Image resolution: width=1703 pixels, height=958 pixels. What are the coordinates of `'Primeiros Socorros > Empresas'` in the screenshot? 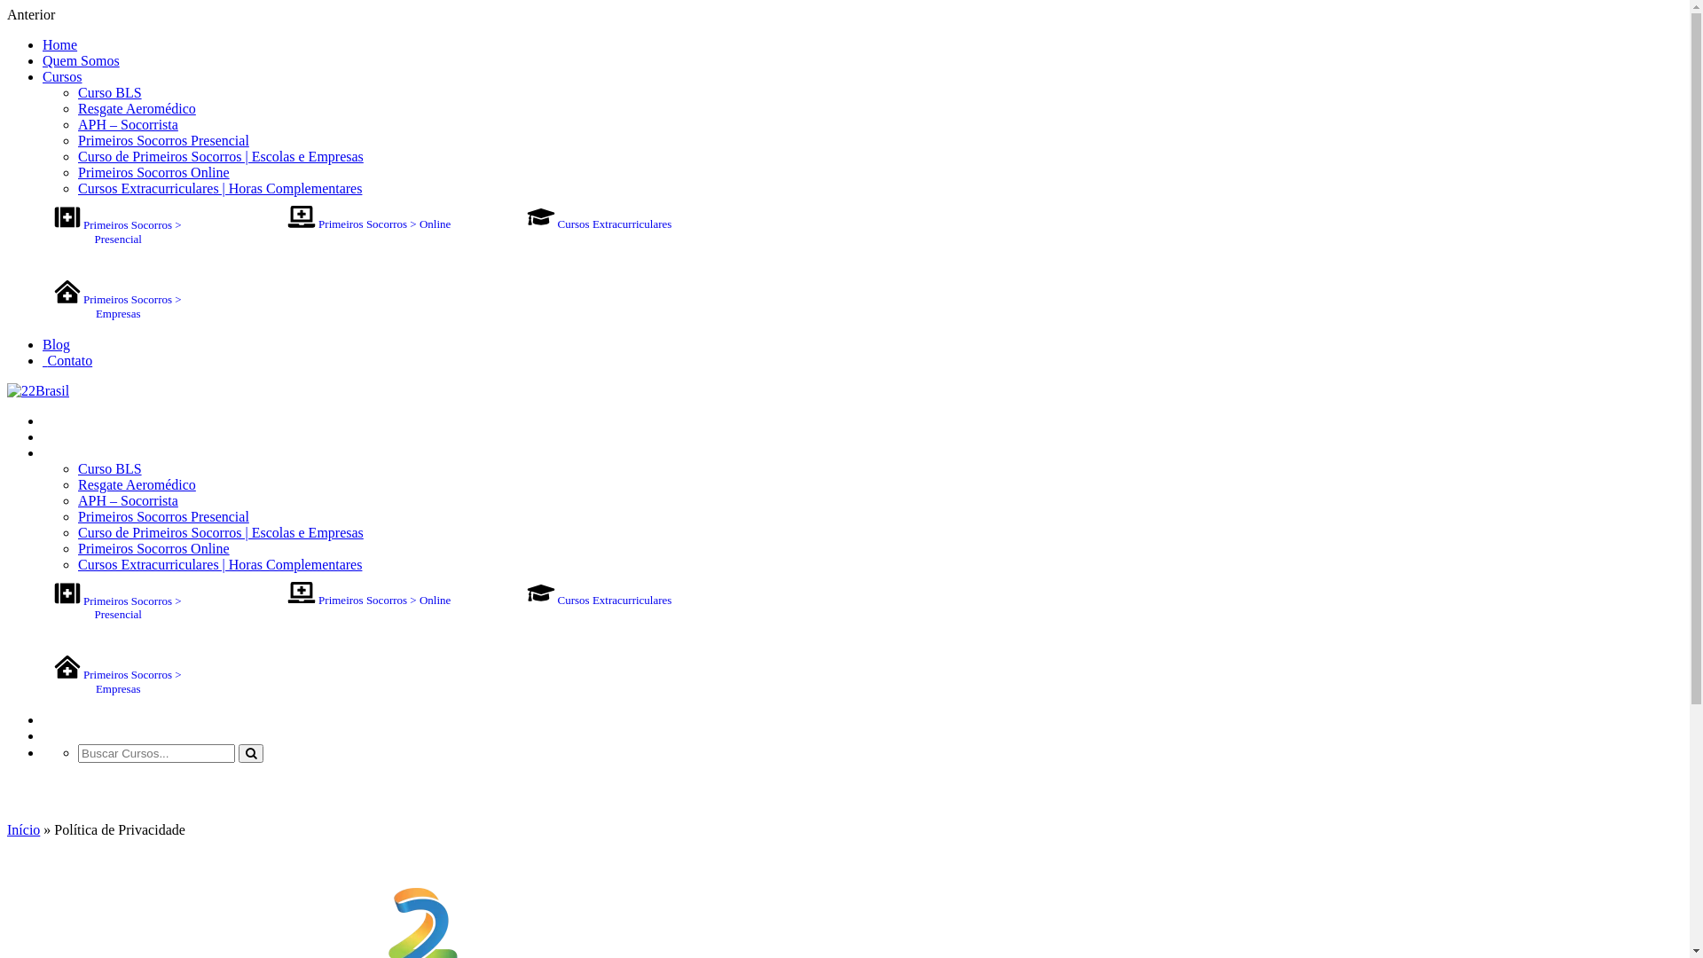 It's located at (117, 680).